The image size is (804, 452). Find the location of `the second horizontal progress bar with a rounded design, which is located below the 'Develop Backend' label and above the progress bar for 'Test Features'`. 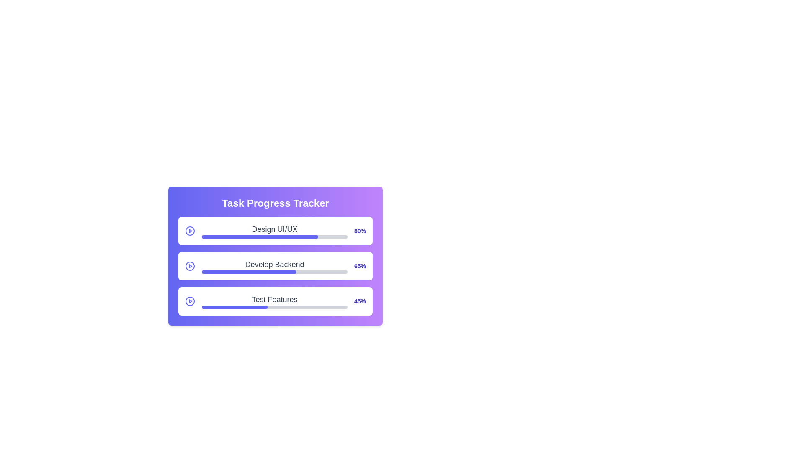

the second horizontal progress bar with a rounded design, which is located below the 'Develop Backend' label and above the progress bar for 'Test Features' is located at coordinates (275, 272).